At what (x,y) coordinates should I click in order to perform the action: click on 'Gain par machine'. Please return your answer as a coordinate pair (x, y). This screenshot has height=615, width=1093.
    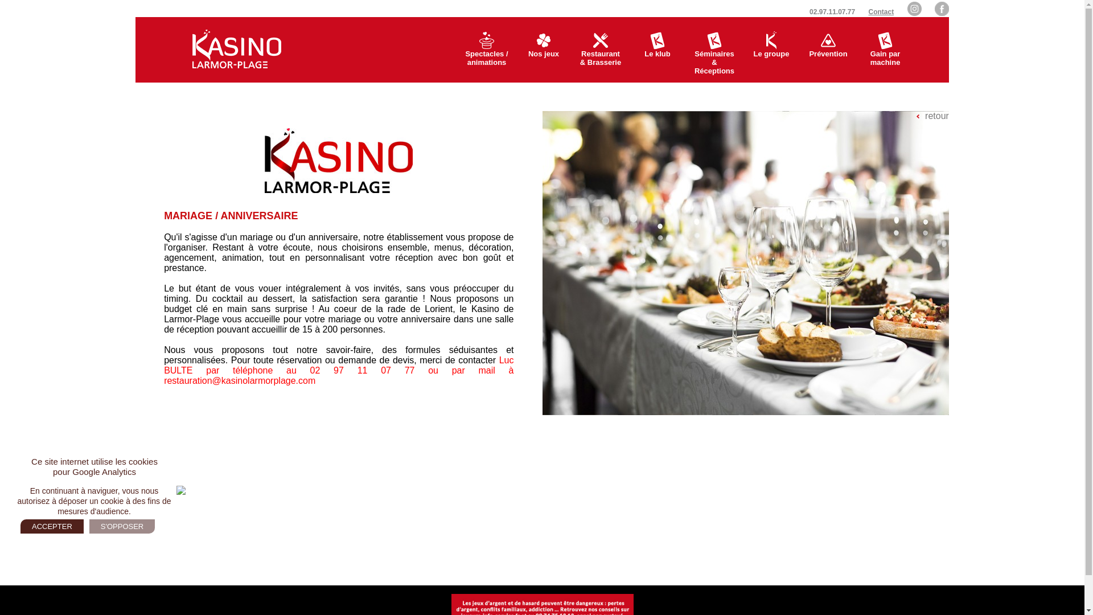
    Looking at the image, I should click on (885, 49).